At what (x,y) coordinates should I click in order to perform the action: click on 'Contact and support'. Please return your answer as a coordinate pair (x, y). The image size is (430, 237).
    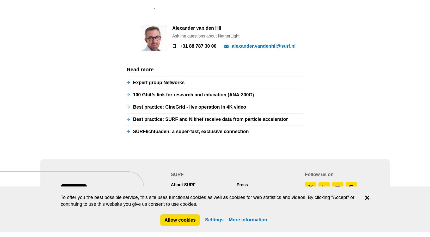
    Looking at the image, I should click on (191, 16).